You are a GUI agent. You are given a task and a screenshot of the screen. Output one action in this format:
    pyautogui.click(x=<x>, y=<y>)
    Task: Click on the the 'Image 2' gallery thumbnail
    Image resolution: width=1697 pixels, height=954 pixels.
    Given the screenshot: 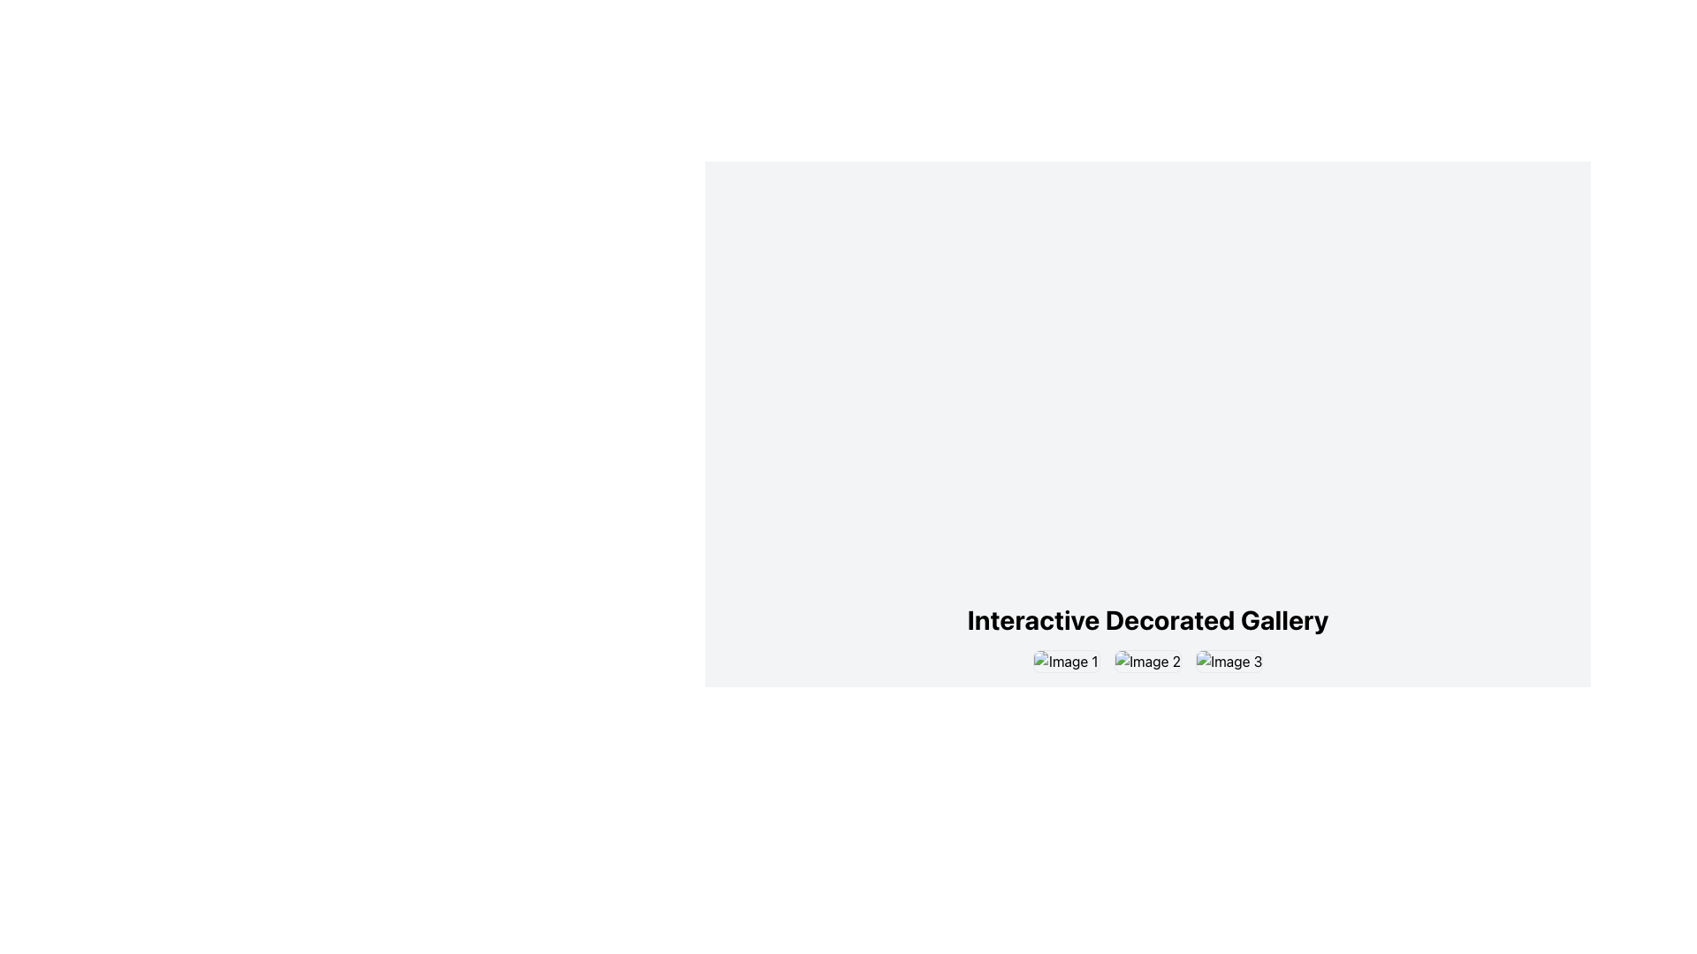 What is the action you would take?
    pyautogui.click(x=1148, y=661)
    